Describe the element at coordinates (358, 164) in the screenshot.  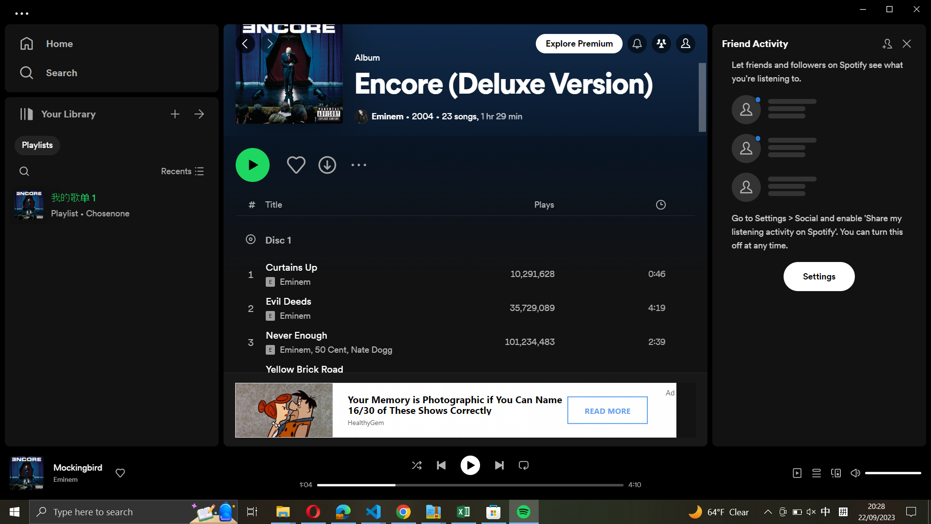
I see `further options in the playlist` at that location.